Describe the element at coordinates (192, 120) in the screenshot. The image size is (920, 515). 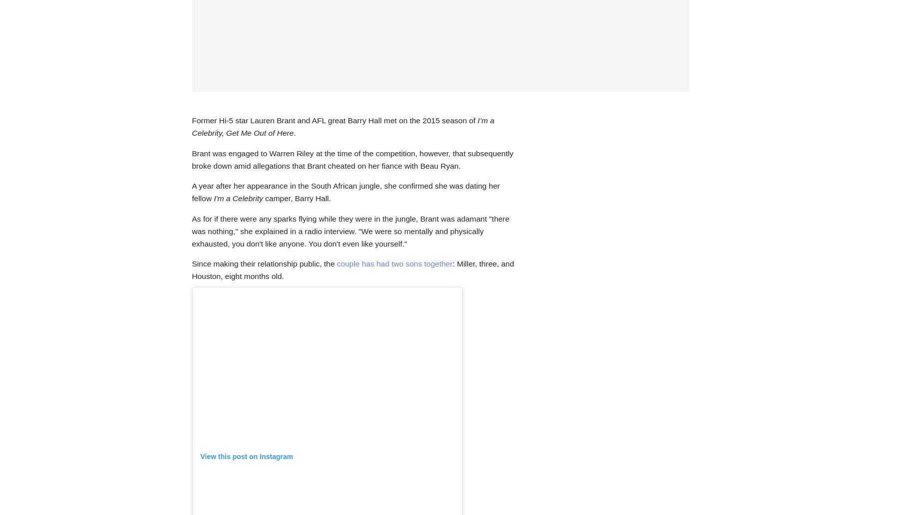
I see `'Former Hi-5 star Lauren Brant and AFL great Barry Hall met on the 2015 season of'` at that location.